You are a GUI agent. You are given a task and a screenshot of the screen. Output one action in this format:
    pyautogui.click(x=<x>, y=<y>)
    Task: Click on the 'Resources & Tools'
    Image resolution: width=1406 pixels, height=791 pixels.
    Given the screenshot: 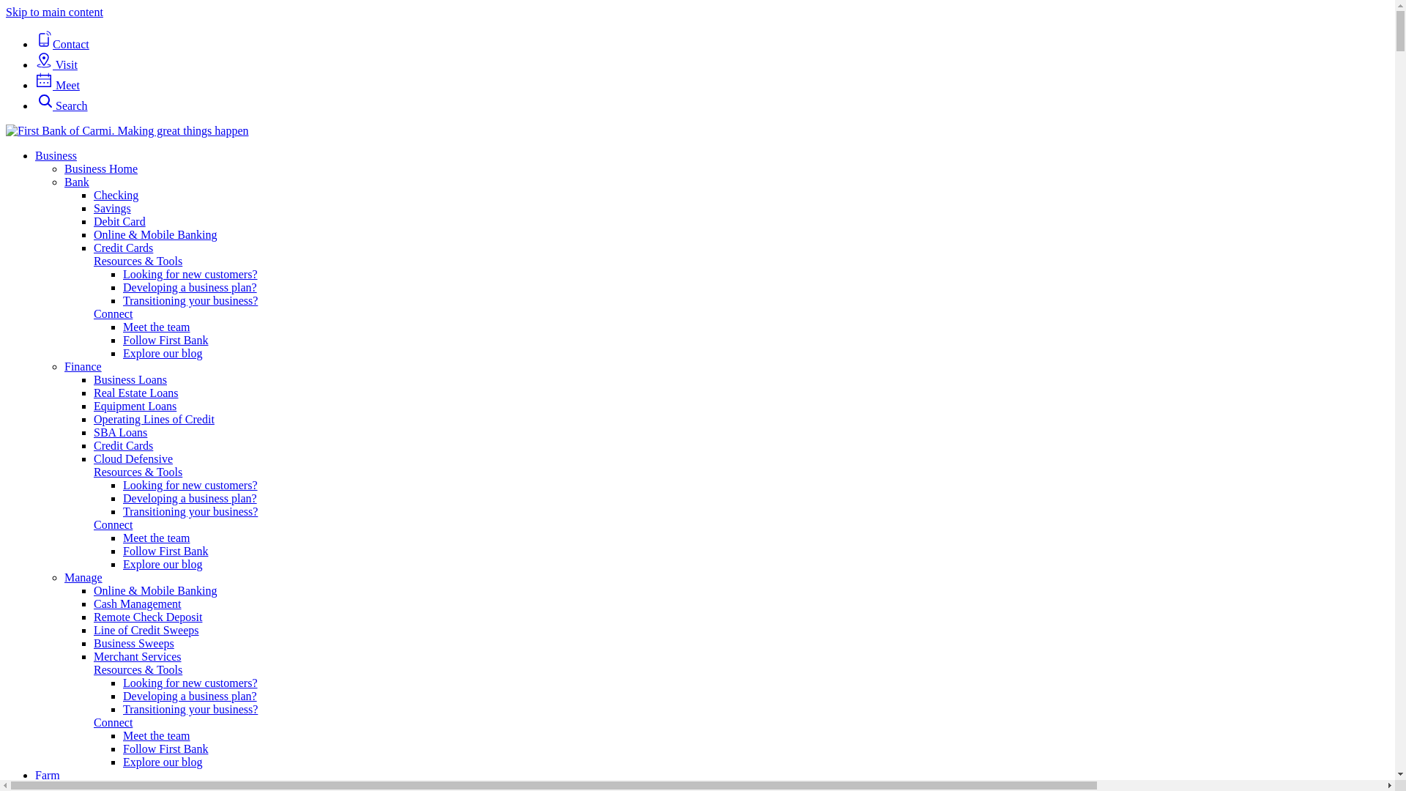 What is the action you would take?
    pyautogui.click(x=138, y=669)
    